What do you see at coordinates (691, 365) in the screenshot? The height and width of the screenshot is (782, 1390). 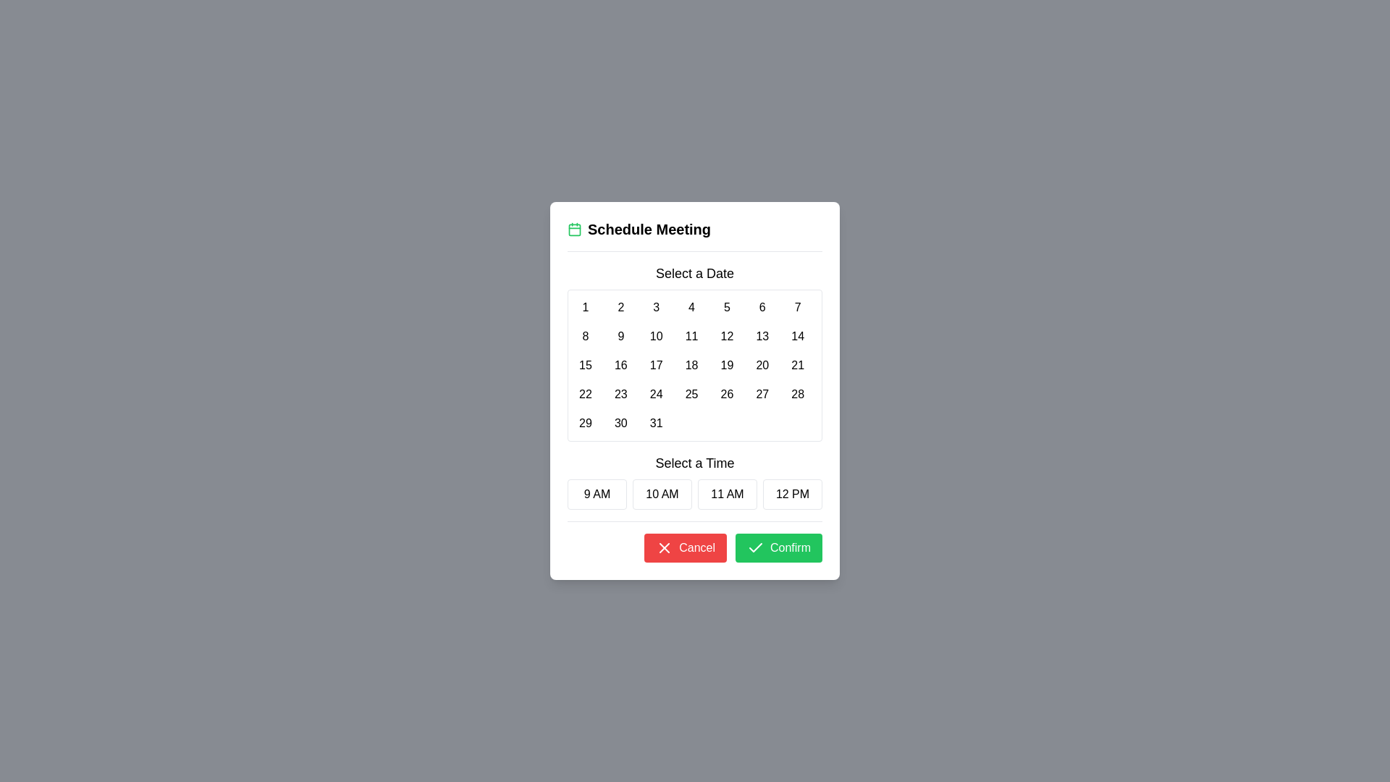 I see `the interactive button displaying the number '18'` at bounding box center [691, 365].